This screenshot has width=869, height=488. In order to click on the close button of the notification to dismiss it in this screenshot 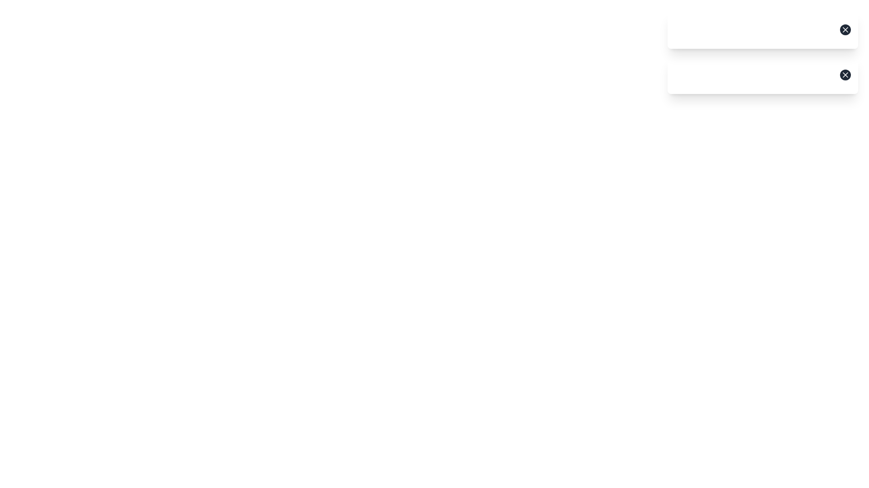, I will do `click(845, 29)`.